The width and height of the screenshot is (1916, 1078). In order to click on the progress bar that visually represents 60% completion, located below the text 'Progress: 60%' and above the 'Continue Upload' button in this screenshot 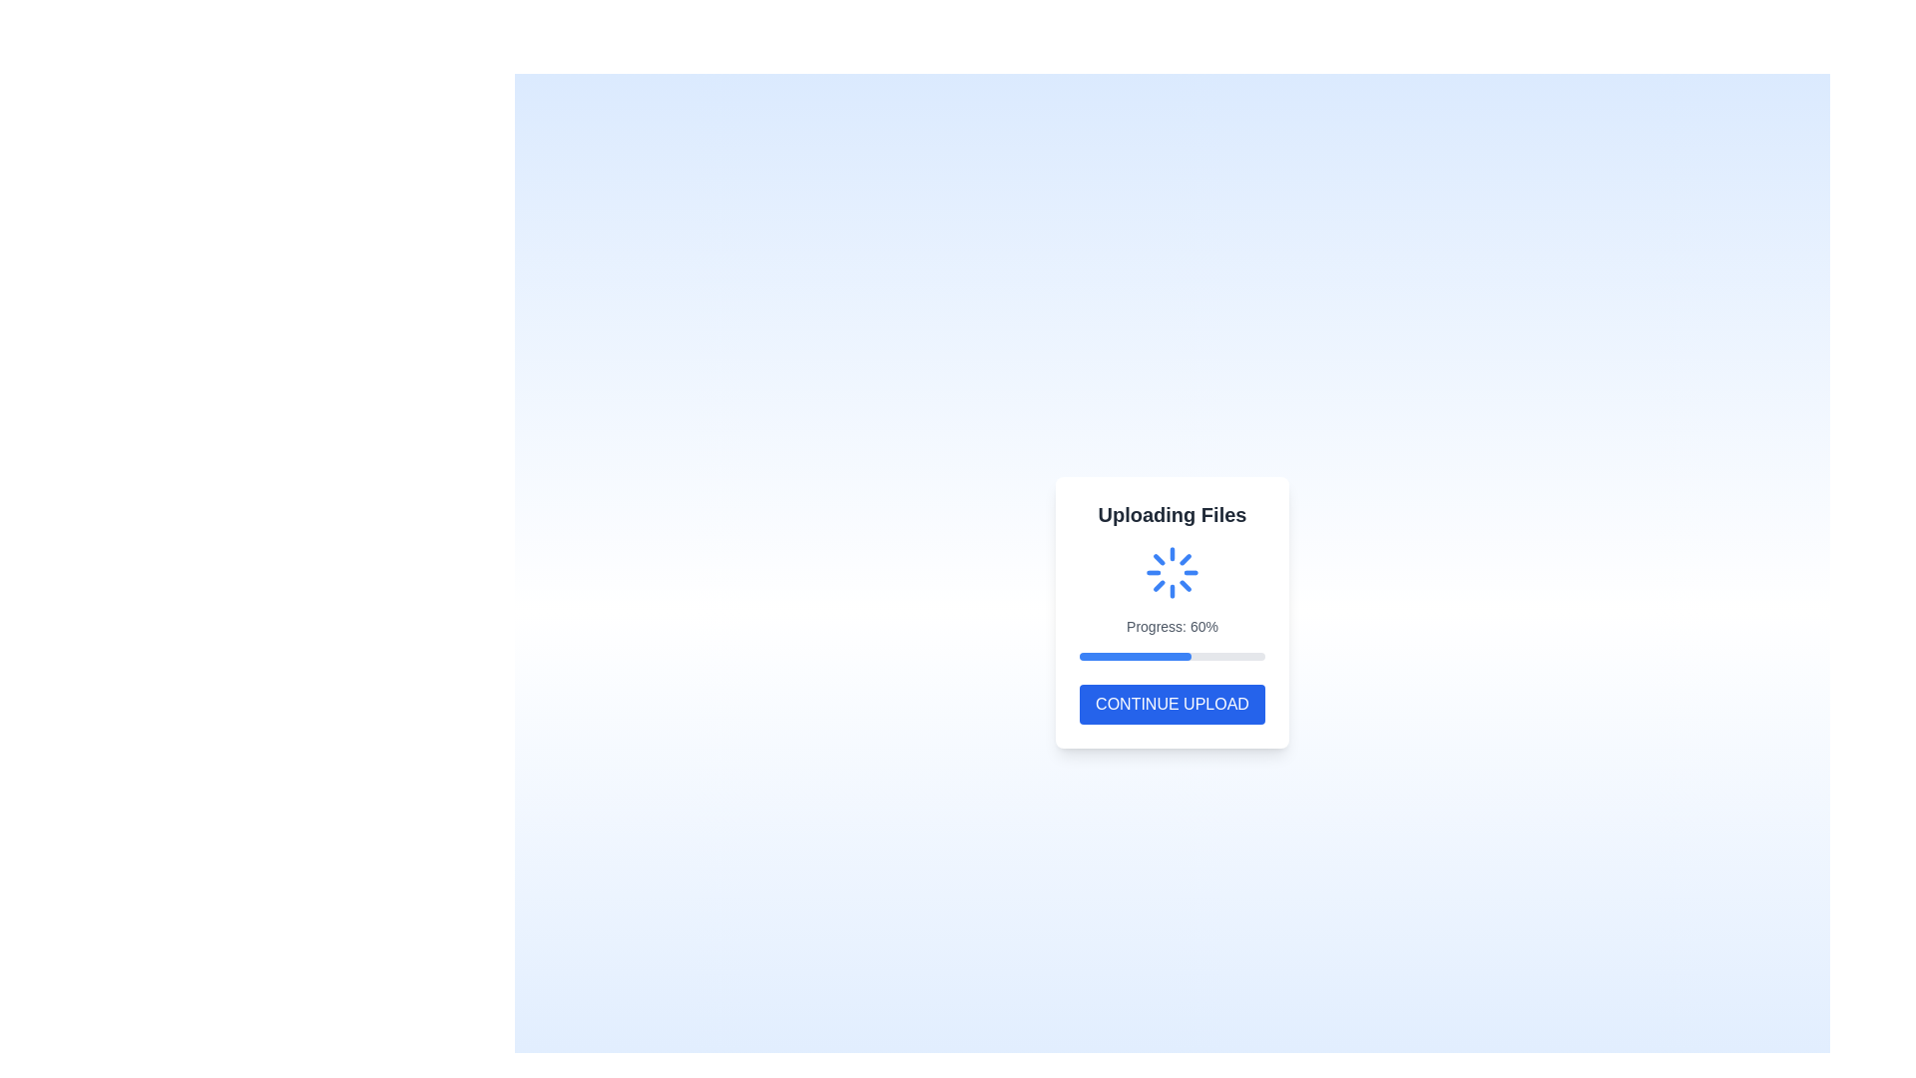, I will do `click(1173, 657)`.